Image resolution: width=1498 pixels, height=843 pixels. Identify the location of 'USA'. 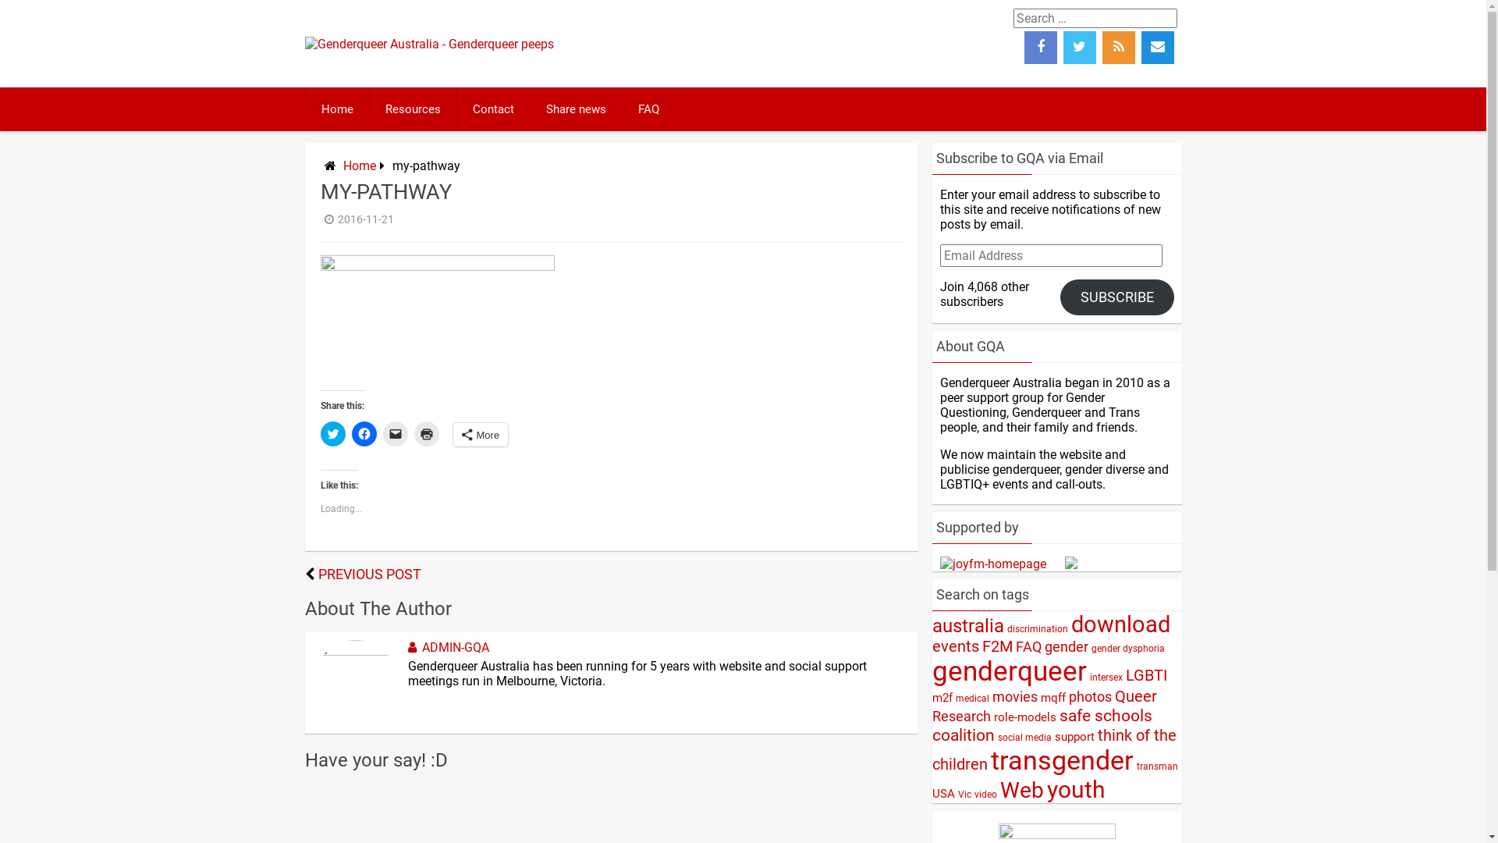
(942, 794).